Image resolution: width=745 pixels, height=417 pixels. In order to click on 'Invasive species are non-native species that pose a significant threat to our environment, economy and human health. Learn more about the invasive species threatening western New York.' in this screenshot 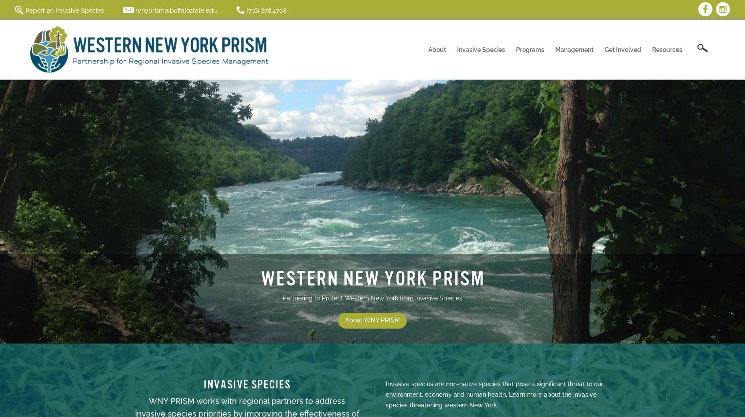, I will do `click(494, 393)`.